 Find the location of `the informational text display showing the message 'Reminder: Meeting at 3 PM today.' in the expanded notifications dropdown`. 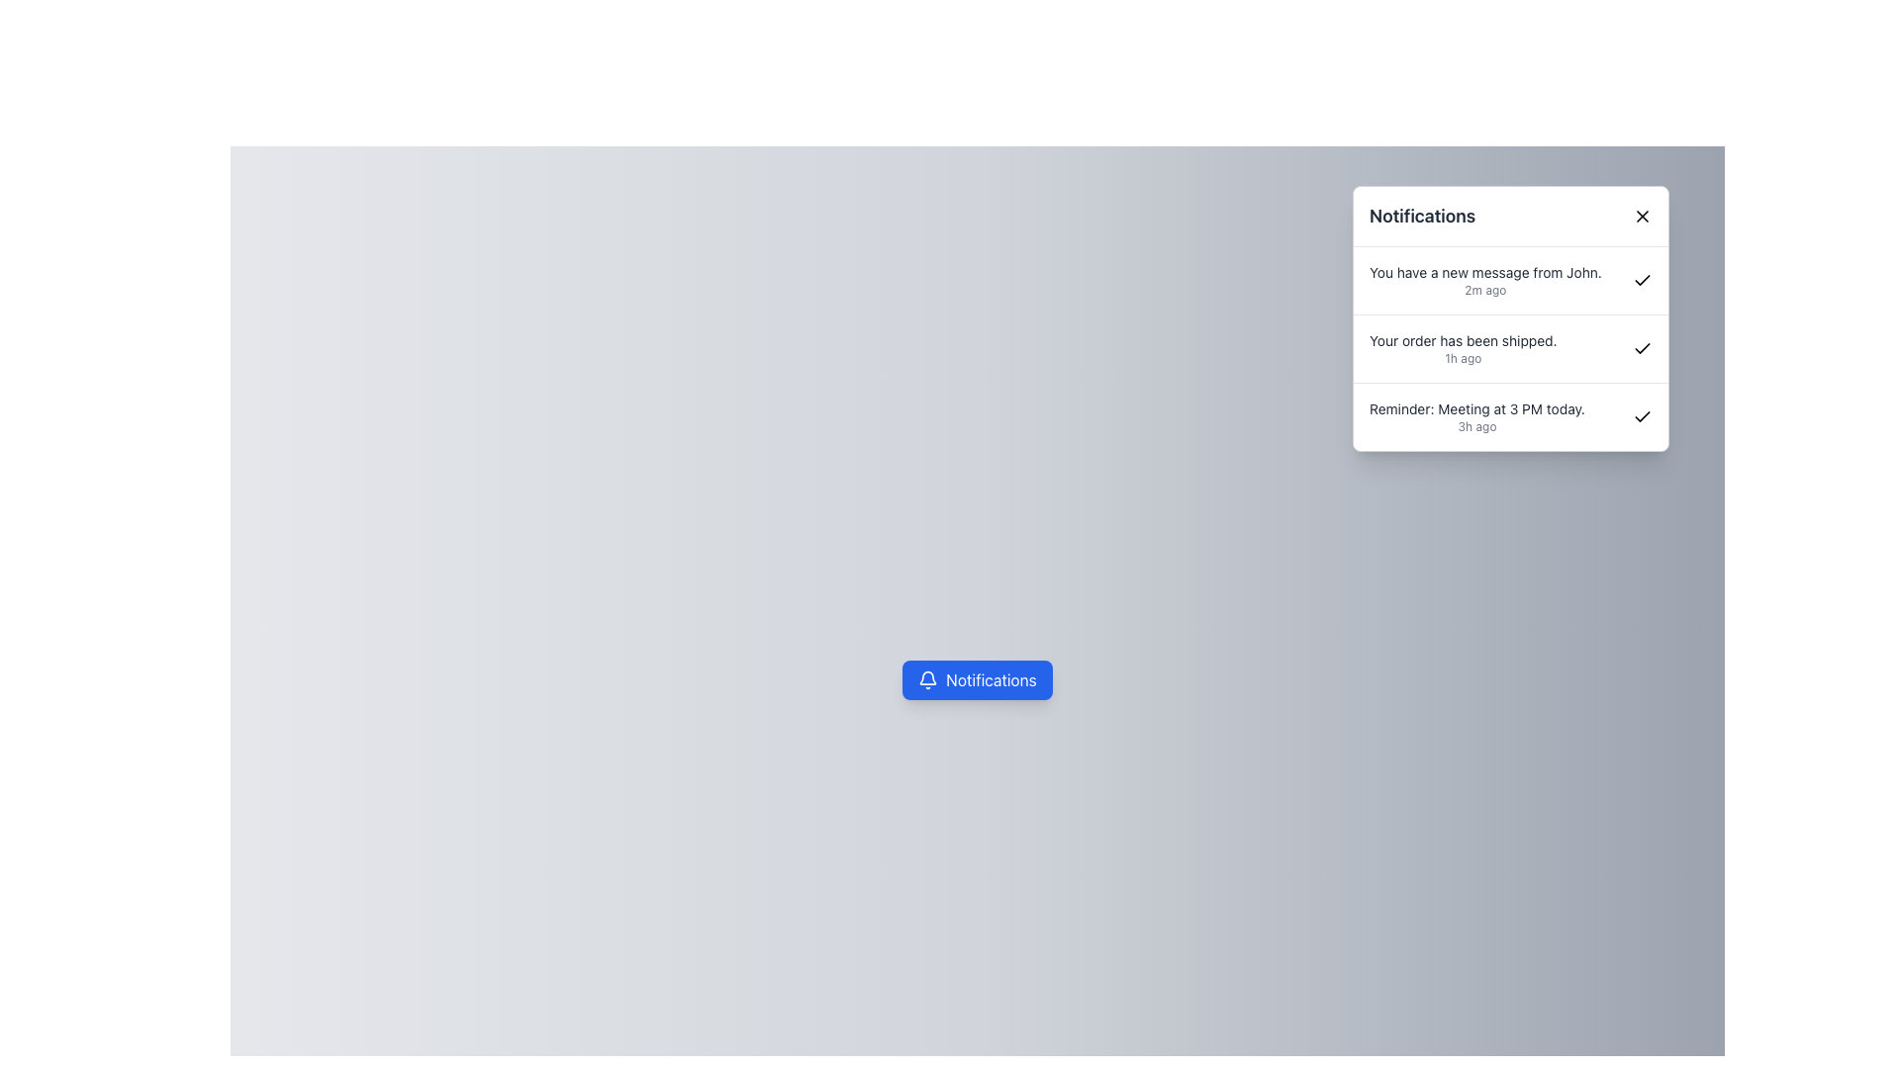

the informational text display showing the message 'Reminder: Meeting at 3 PM today.' in the expanded notifications dropdown is located at coordinates (1476, 415).